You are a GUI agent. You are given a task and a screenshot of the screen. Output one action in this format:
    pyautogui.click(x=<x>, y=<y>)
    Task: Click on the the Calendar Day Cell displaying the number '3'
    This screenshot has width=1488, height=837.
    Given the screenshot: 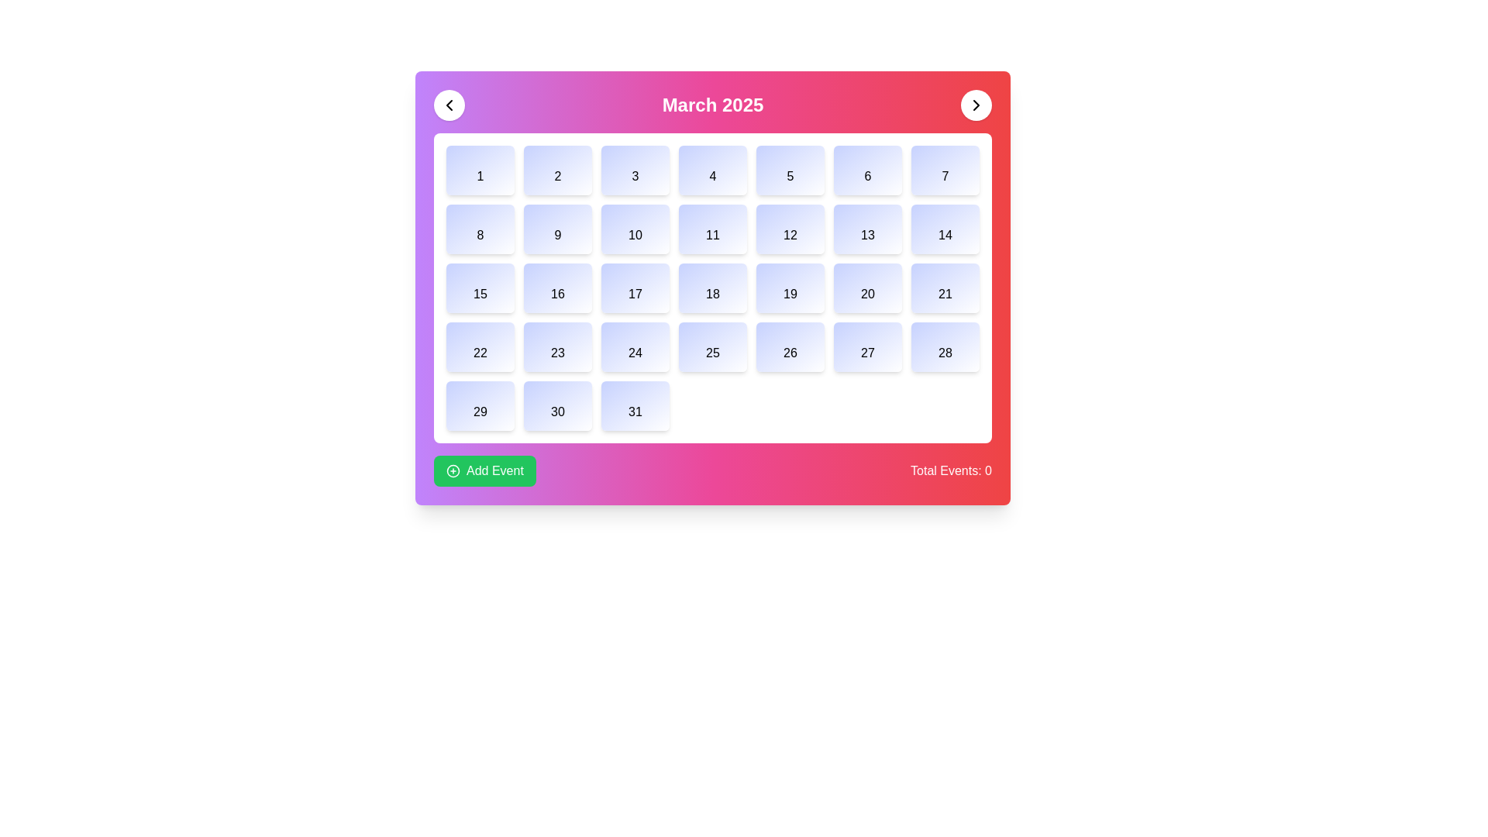 What is the action you would take?
    pyautogui.click(x=635, y=170)
    